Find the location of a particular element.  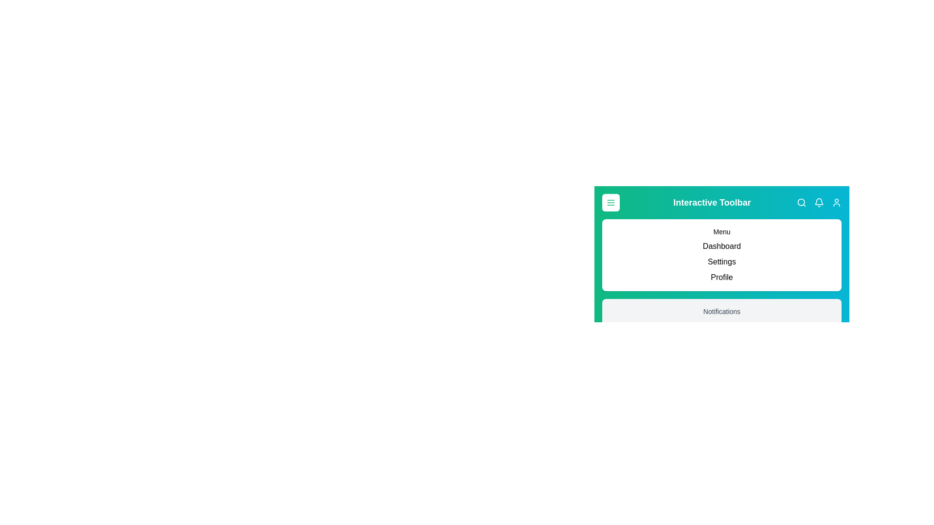

the user profile icon is located at coordinates (836, 202).